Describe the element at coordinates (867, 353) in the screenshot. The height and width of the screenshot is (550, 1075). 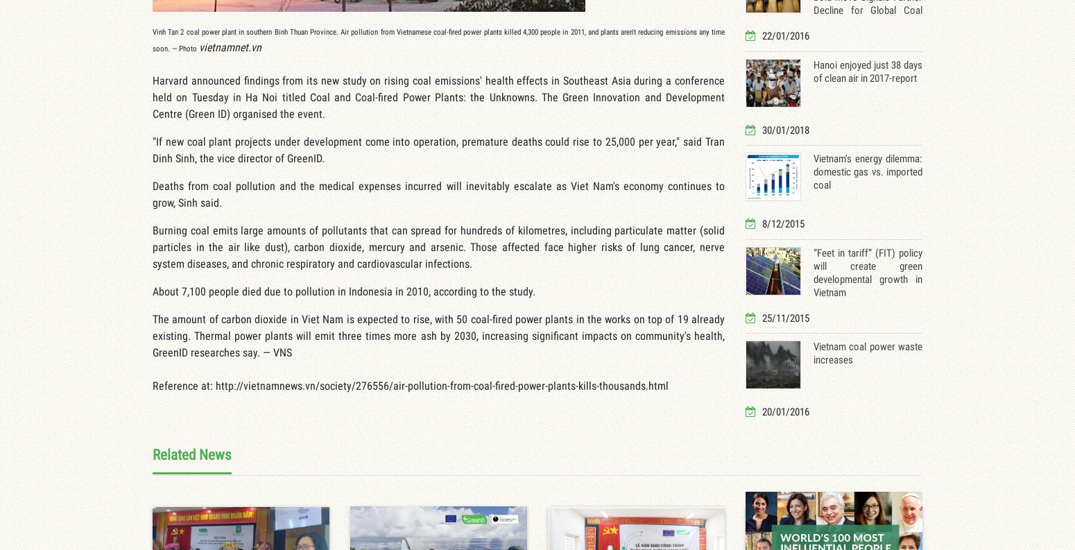
I see `'Vietnam coal power waste increases'` at that location.